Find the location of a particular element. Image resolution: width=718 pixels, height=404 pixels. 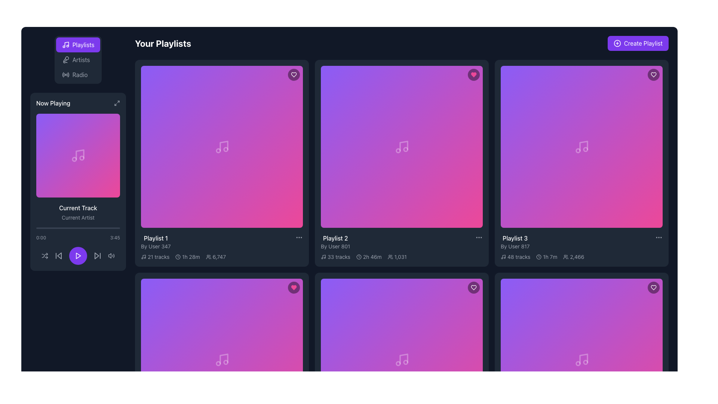

text '21 tracks' from the text label with the accompanying music note icon, located under the first playlist card in the top-left section of the grid area is located at coordinates (155, 256).